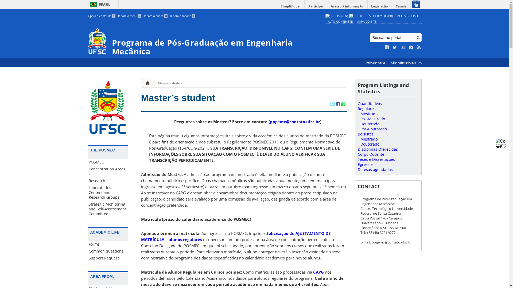 The width and height of the screenshot is (513, 288). I want to click on 'Bolsistas', so click(365, 134).